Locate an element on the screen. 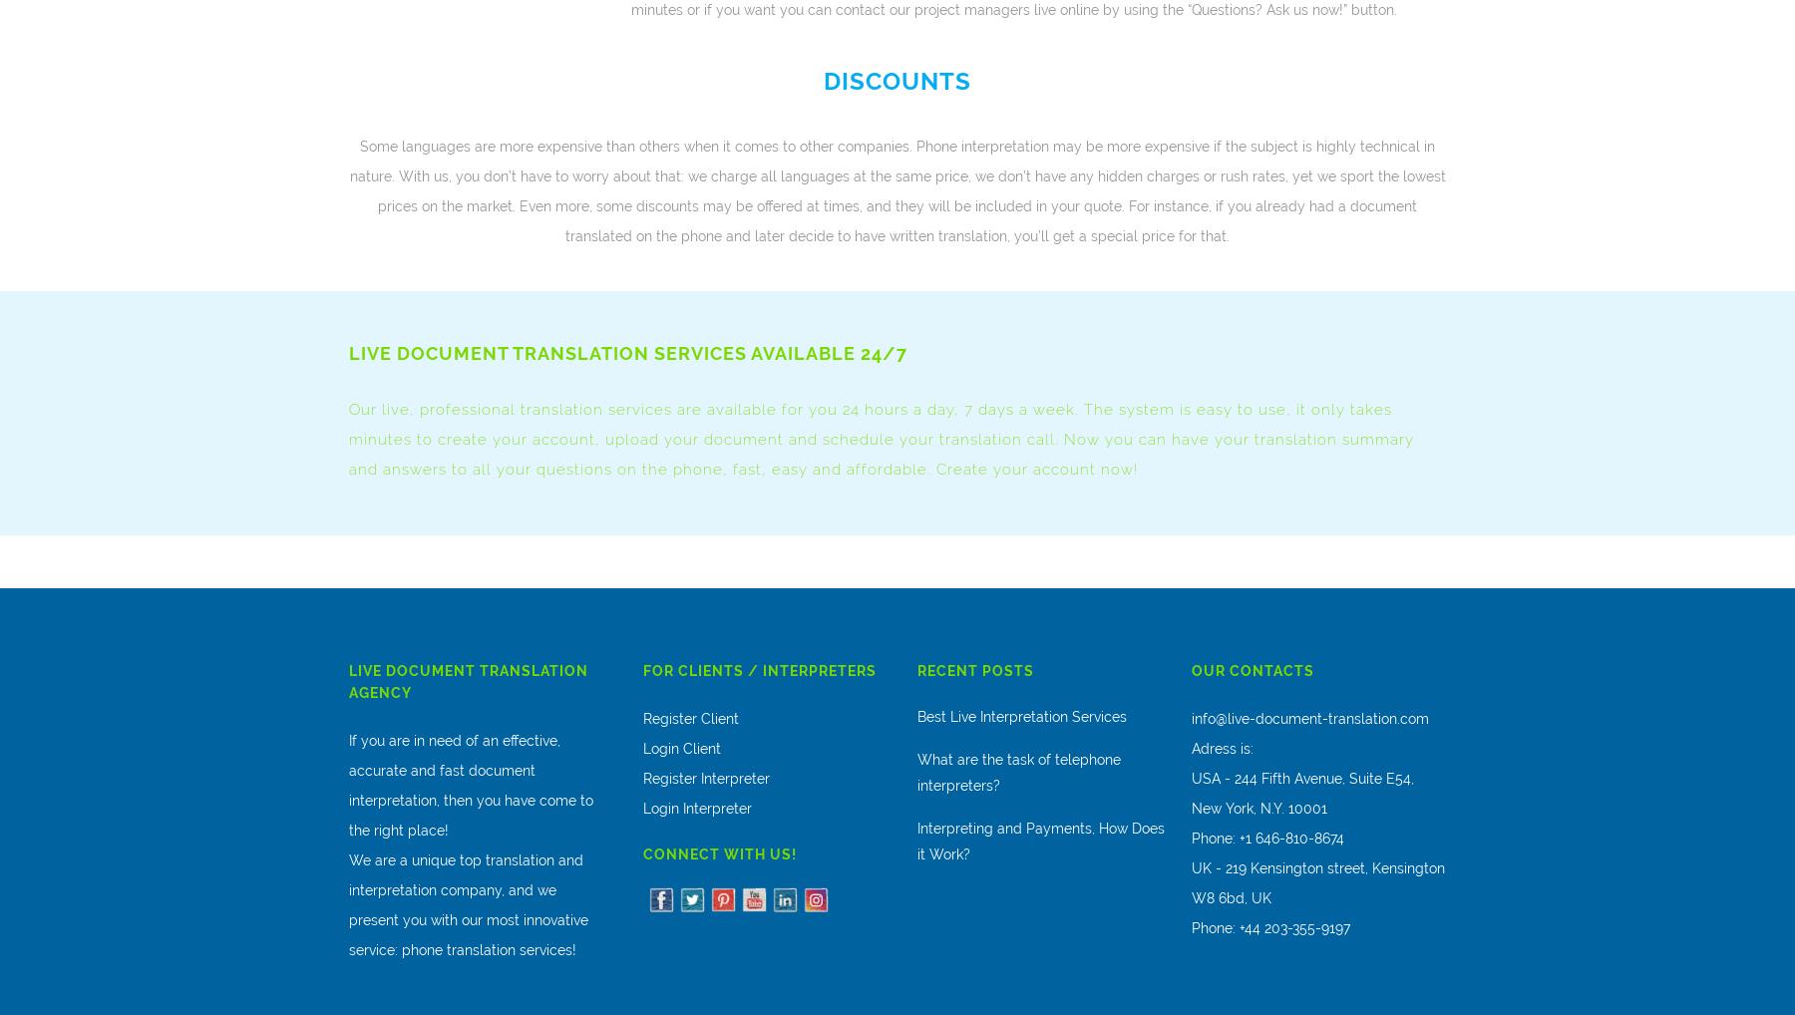  'UK - 219 Kensington street, Kensington W8 6bd, UK' is located at coordinates (1317, 882).